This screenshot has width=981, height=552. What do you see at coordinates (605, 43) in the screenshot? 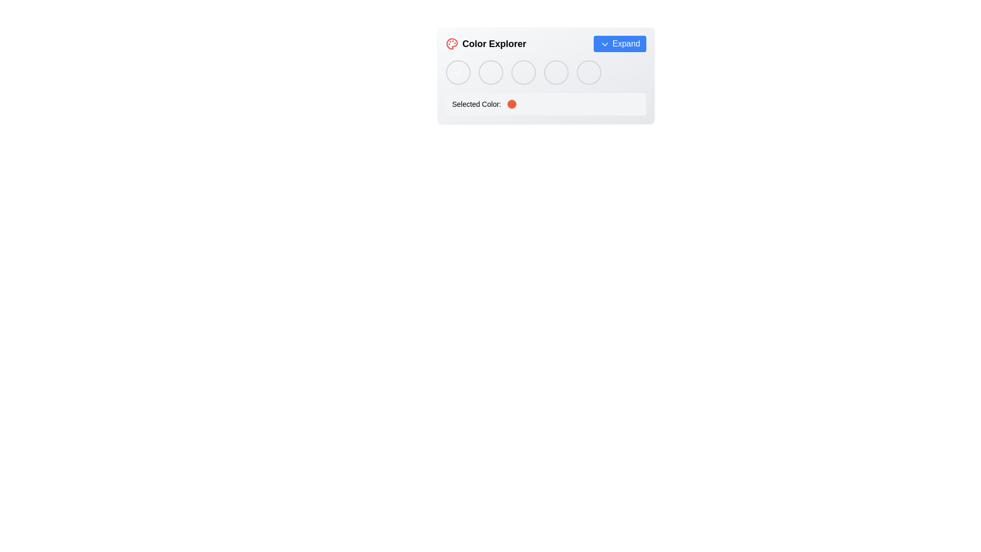
I see `the expandable action icon located at the right end of the 'Expand' button in the top-right corner of the 'Color Explorer' panel` at bounding box center [605, 43].